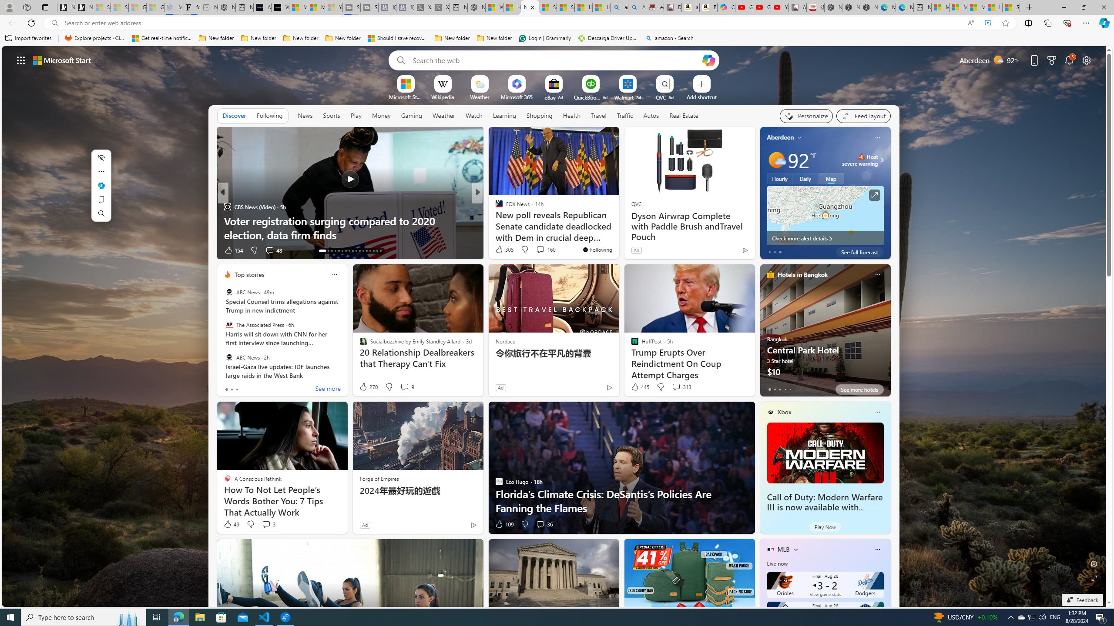  I want to click on 'Watch', so click(473, 115).